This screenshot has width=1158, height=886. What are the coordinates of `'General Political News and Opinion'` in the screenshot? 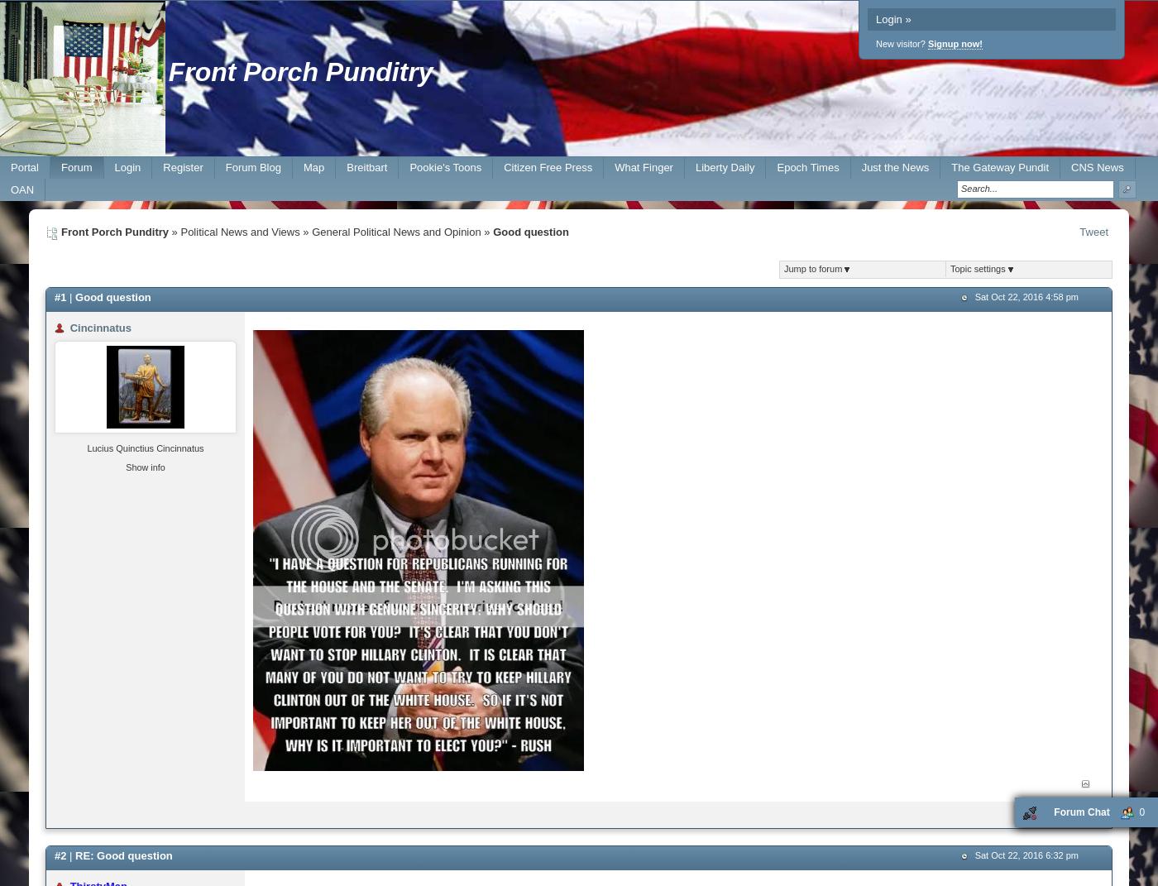 It's located at (312, 232).